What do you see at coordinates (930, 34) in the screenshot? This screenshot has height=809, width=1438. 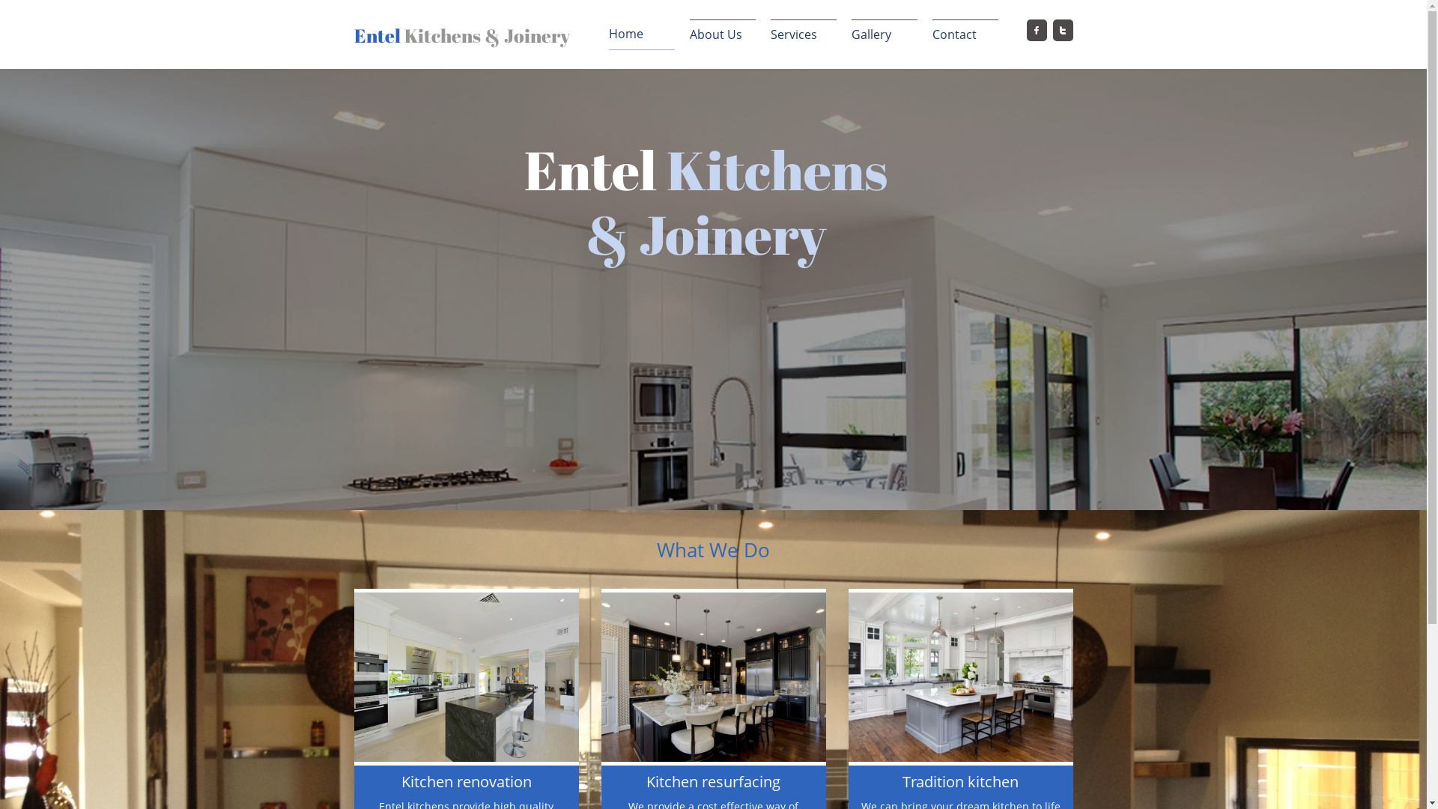 I see `'Contact'` at bounding box center [930, 34].